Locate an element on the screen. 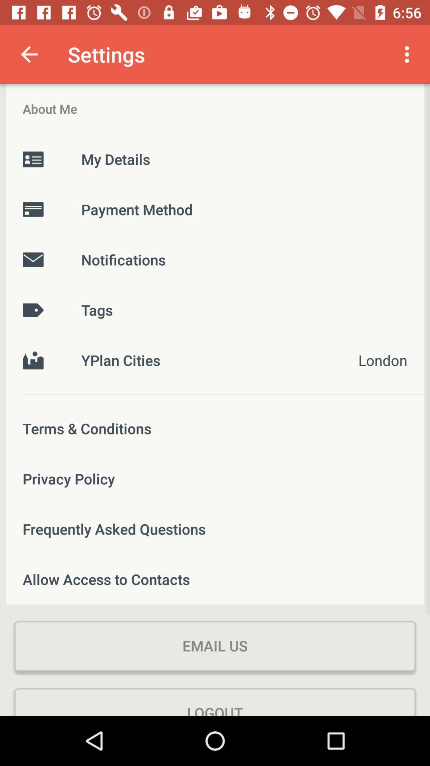  terms & conditions is located at coordinates (215, 428).